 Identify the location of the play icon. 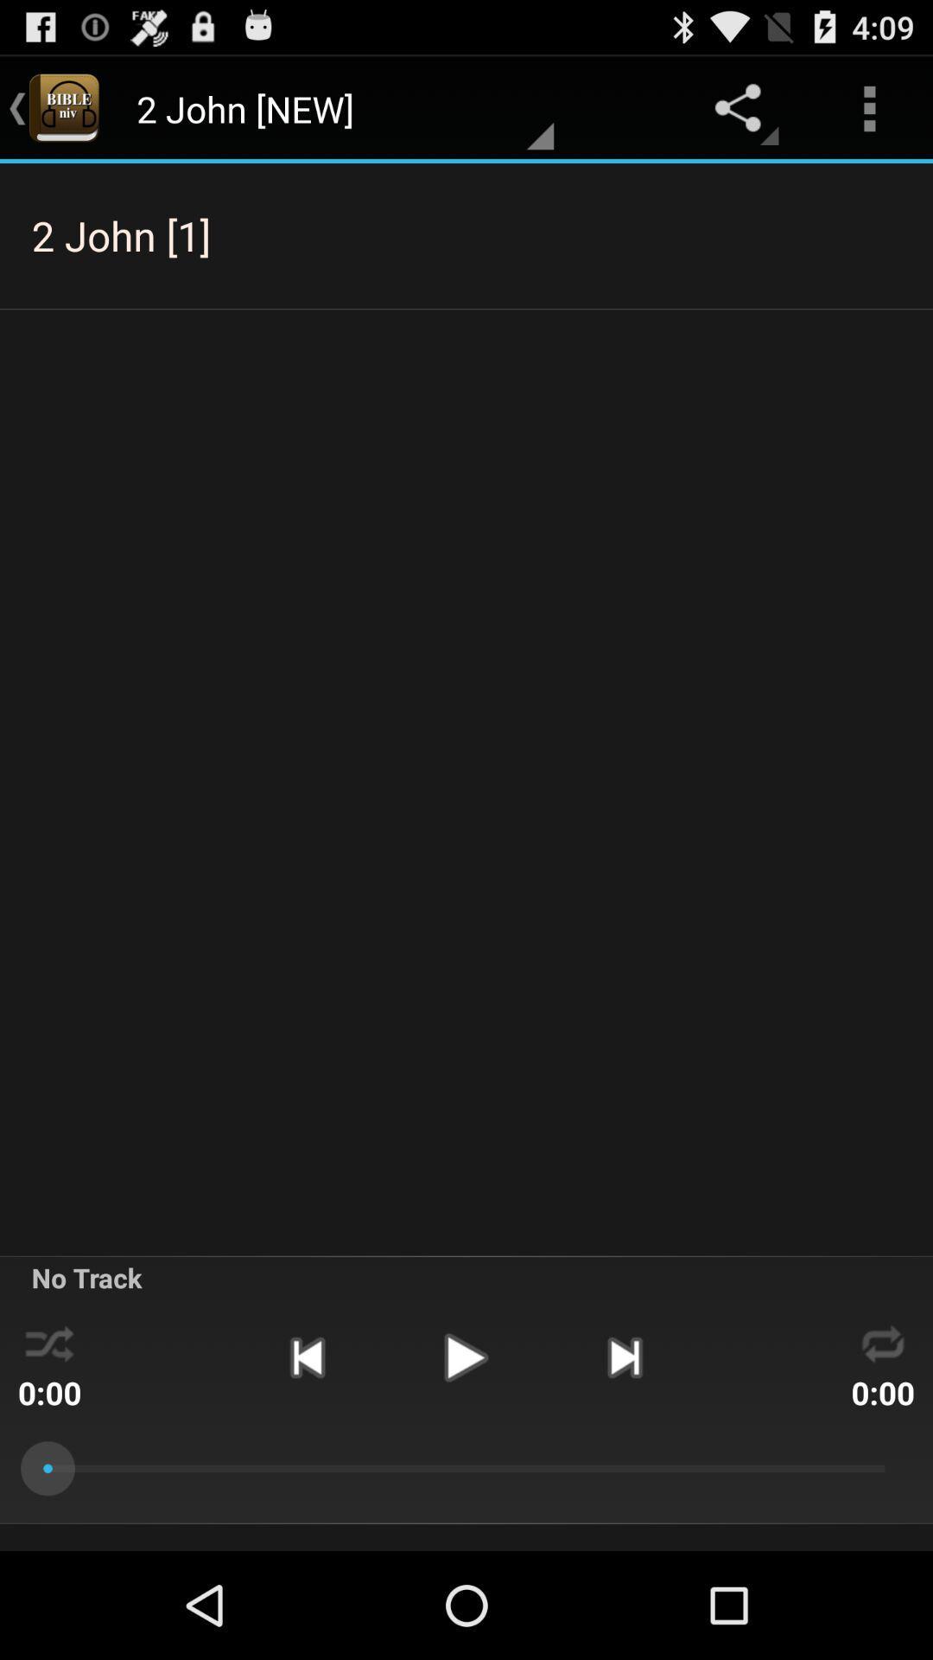
(465, 1452).